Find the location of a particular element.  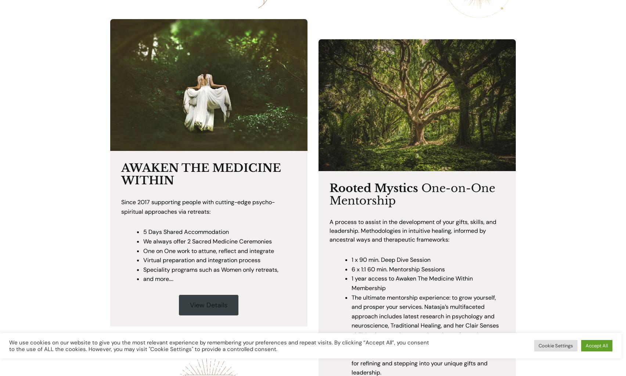

'Speciality programs such as Women only retreats,' is located at coordinates (143, 269).